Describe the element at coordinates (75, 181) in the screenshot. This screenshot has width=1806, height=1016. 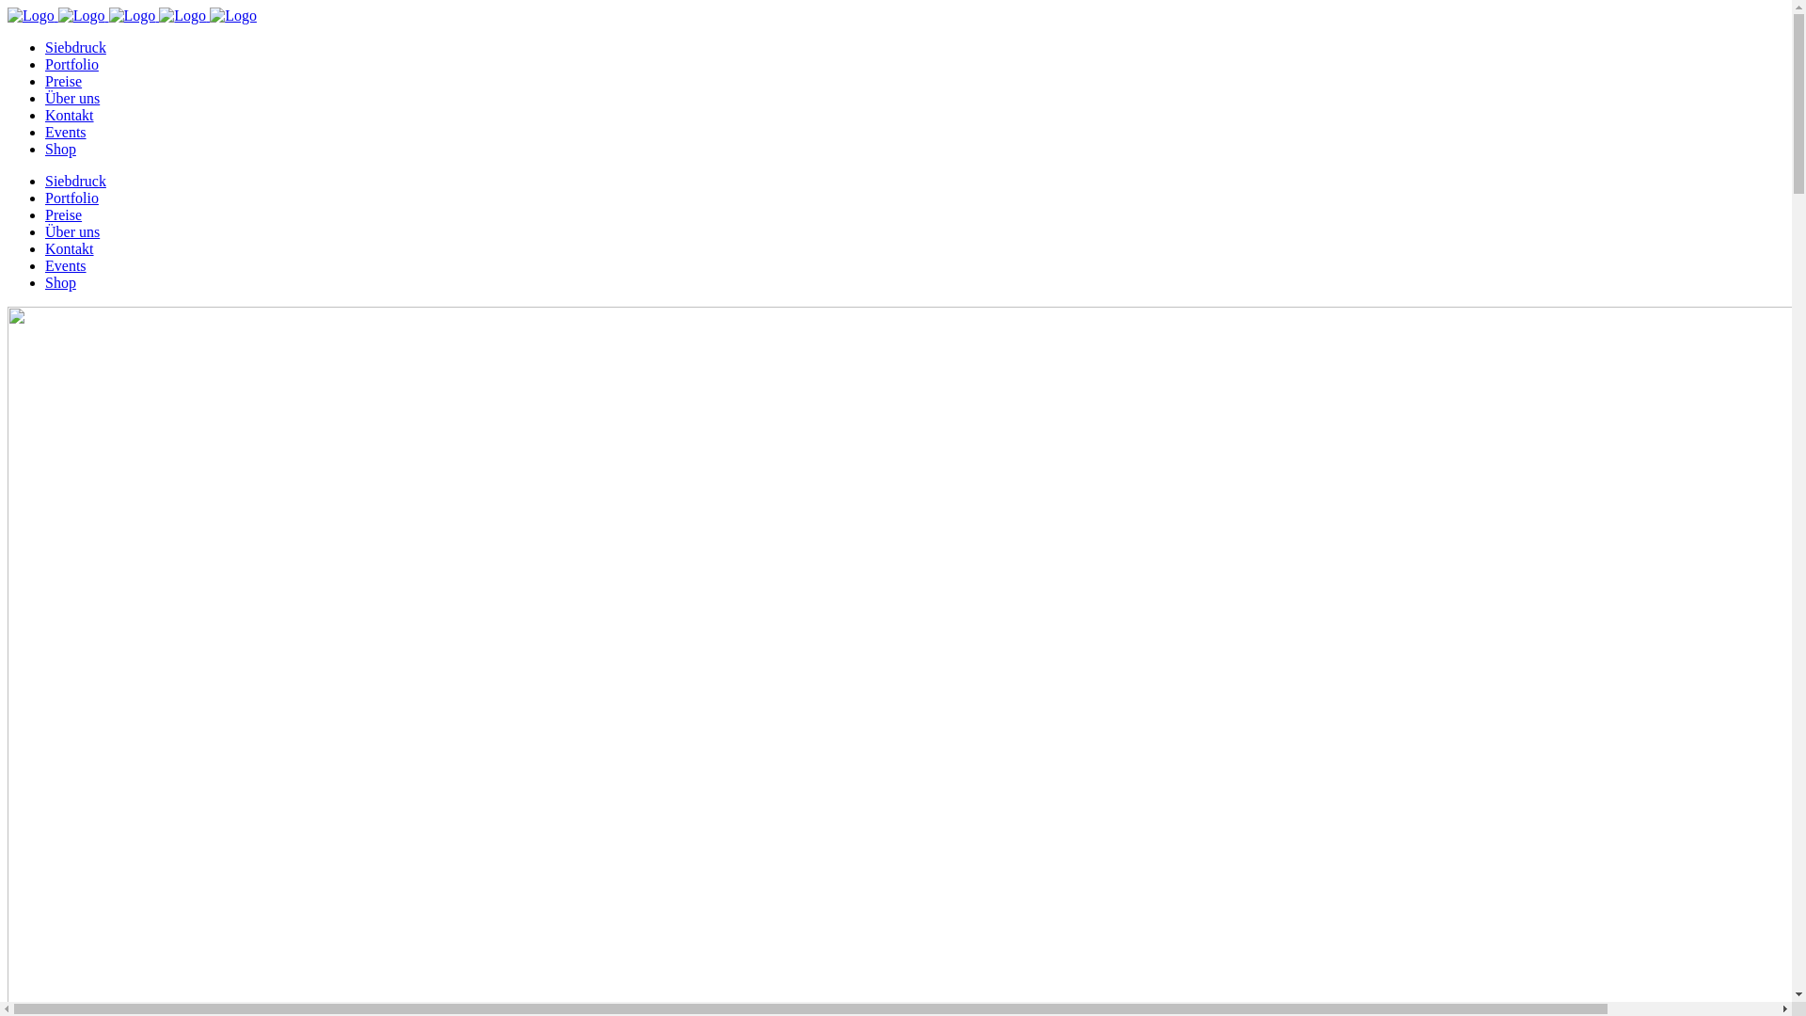
I see `'Siebdruck'` at that location.